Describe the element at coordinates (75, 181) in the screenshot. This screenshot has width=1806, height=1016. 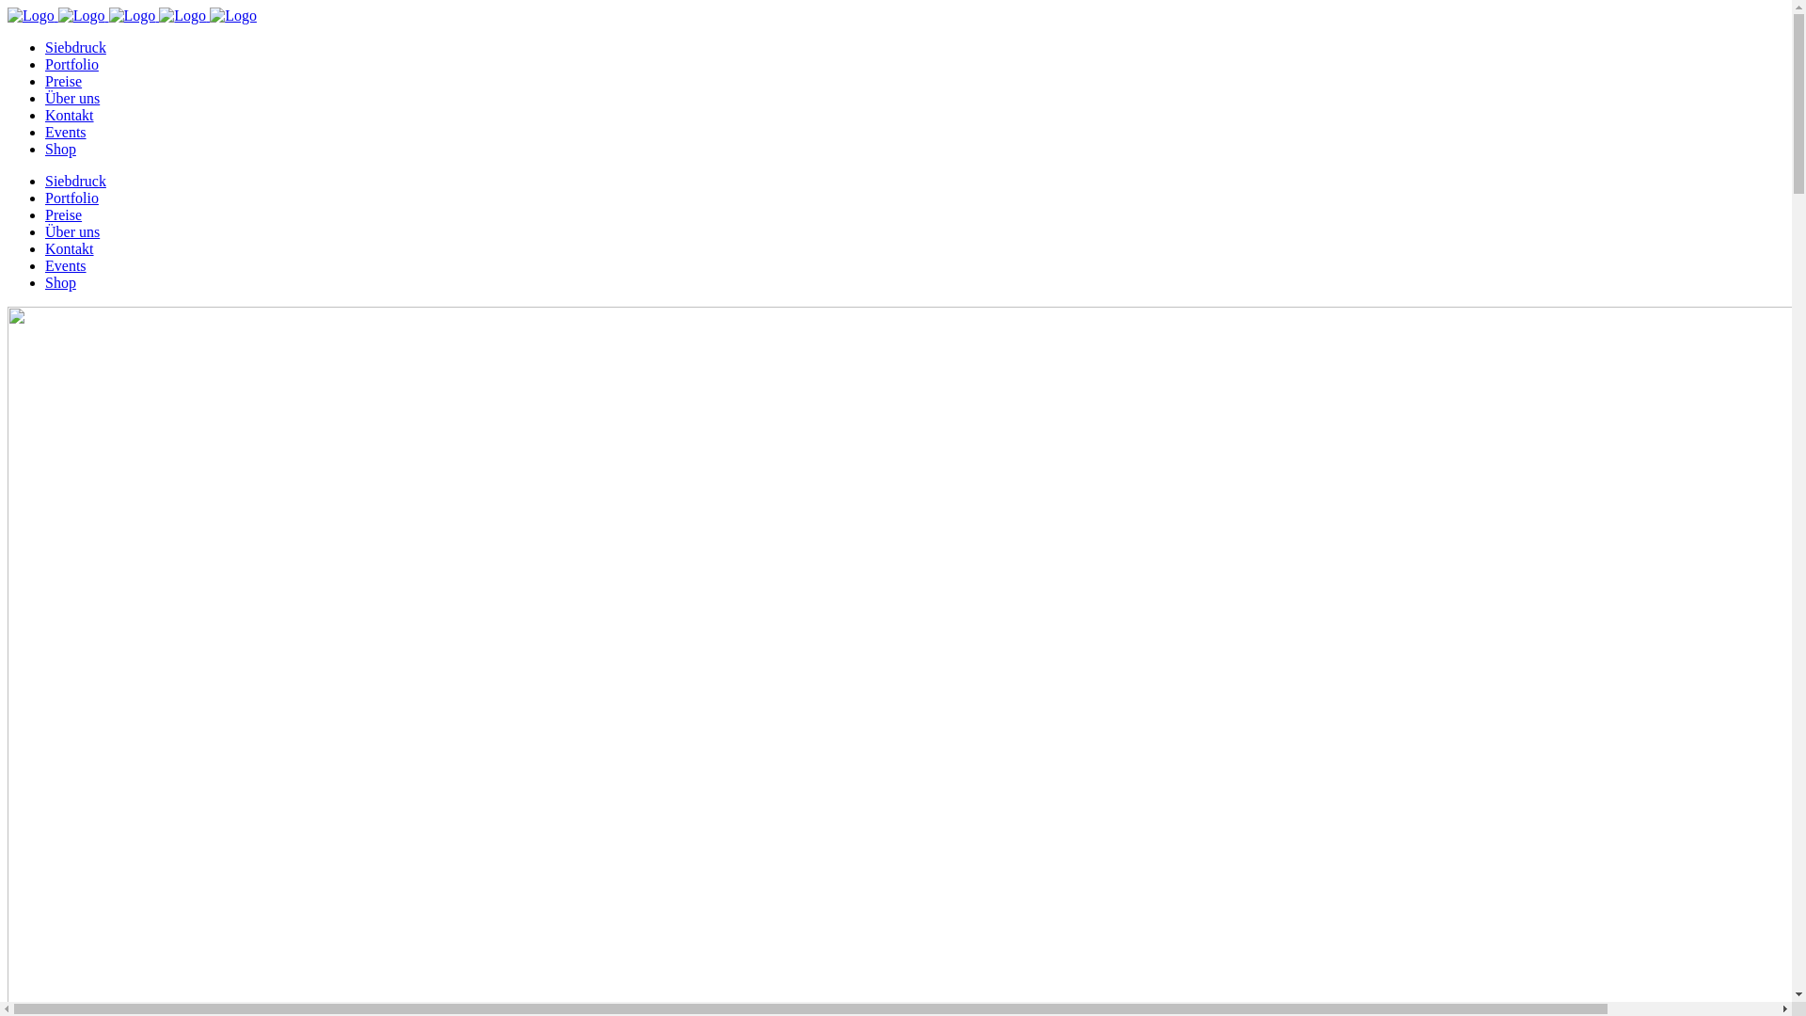
I see `'Siebdruck'` at that location.